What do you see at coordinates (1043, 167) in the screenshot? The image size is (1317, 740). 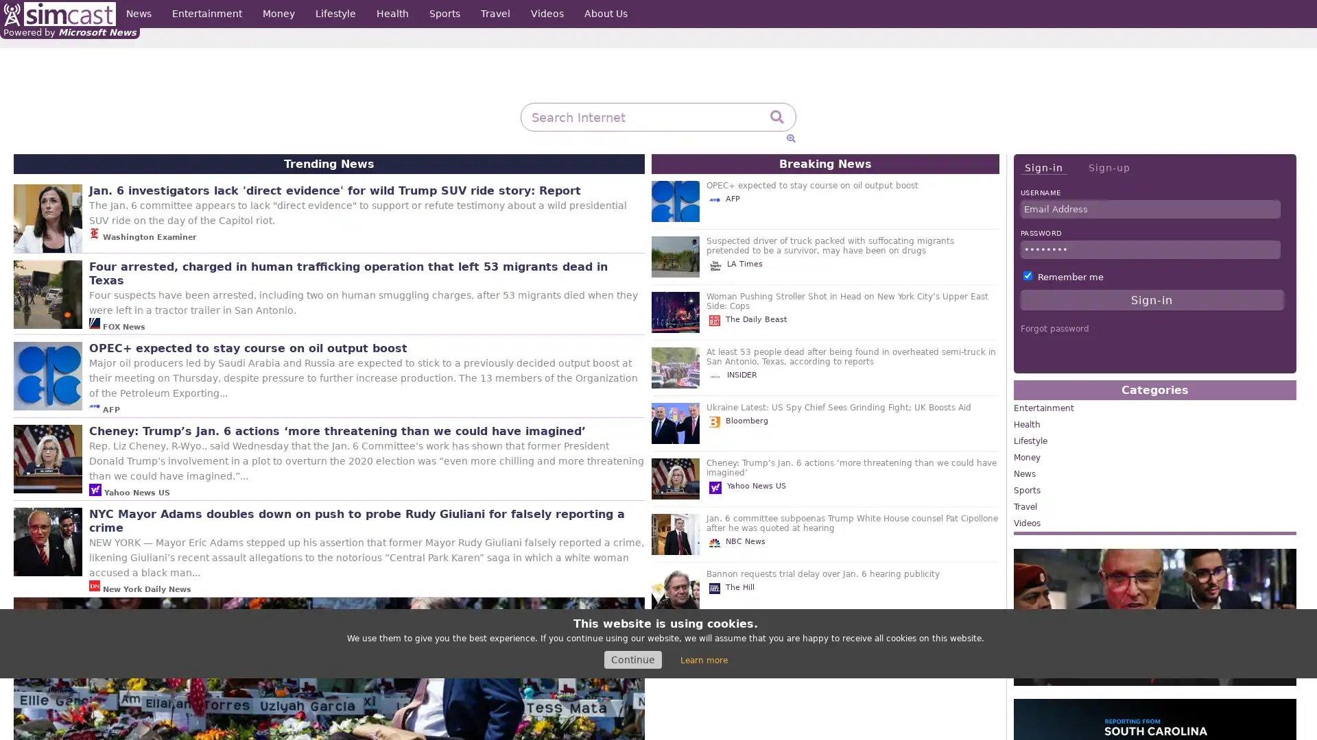 I see `Sign-in` at bounding box center [1043, 167].